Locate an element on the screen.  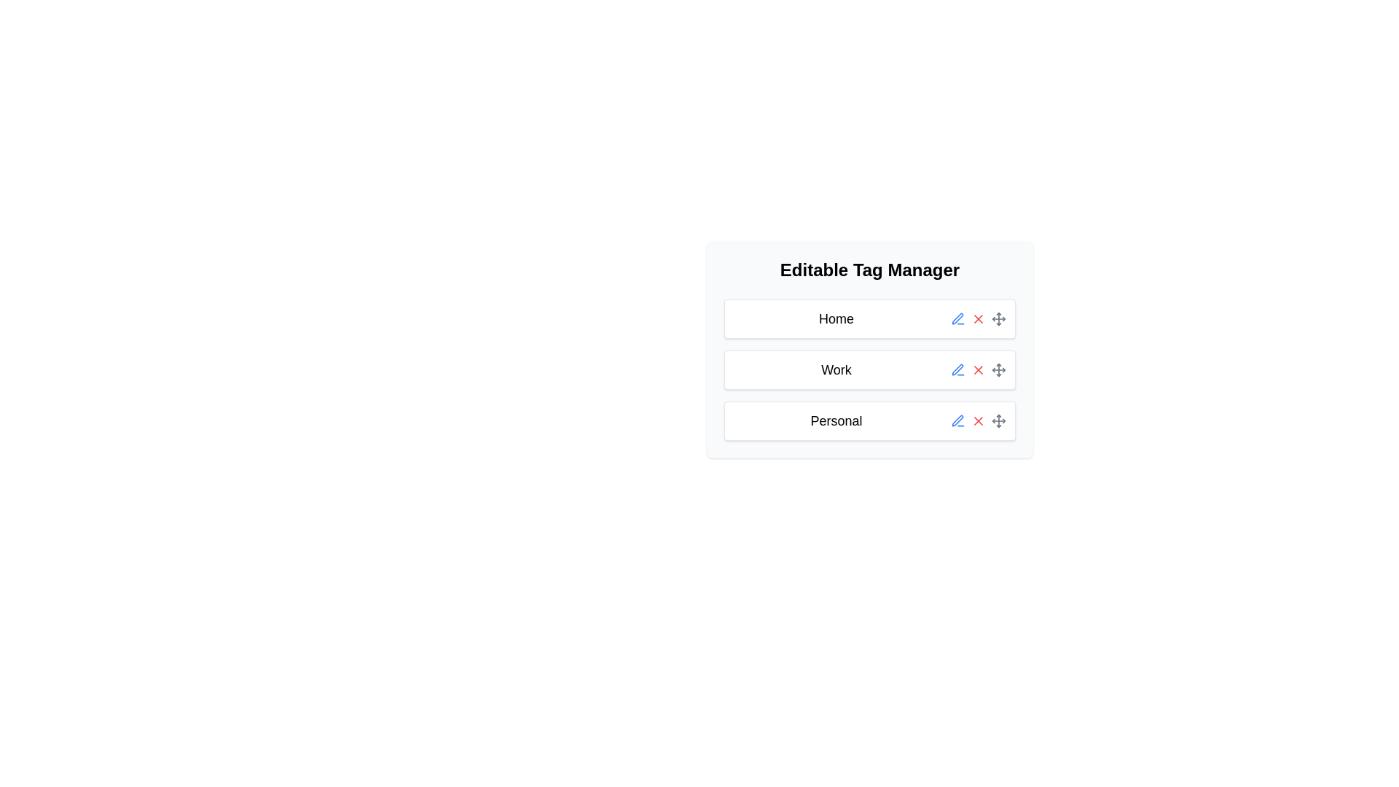
the red cross-shaped icon located in the first row of the editable tag manager interface is located at coordinates (979, 318).